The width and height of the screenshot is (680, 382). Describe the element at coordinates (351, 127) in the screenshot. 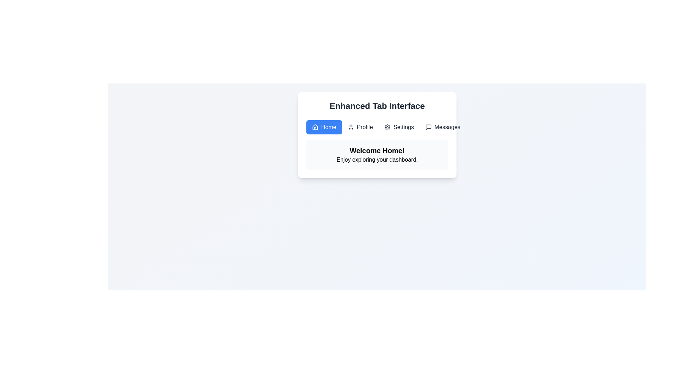

I see `the 'Profile' button icon, which visually indicates its association with user profiles and is located between the 'Home' and 'Settings' buttons` at that location.